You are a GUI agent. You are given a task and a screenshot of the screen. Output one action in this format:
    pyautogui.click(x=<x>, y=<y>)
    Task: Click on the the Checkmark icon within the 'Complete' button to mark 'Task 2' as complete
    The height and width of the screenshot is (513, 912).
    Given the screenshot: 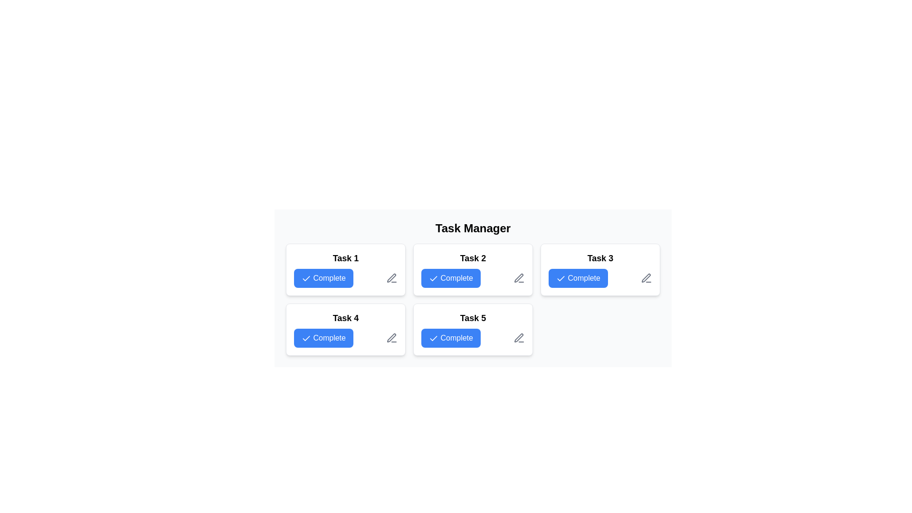 What is the action you would take?
    pyautogui.click(x=433, y=278)
    